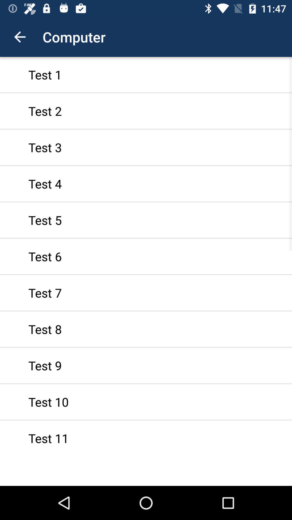 Image resolution: width=292 pixels, height=520 pixels. What do you see at coordinates (146, 184) in the screenshot?
I see `the test 4` at bounding box center [146, 184].